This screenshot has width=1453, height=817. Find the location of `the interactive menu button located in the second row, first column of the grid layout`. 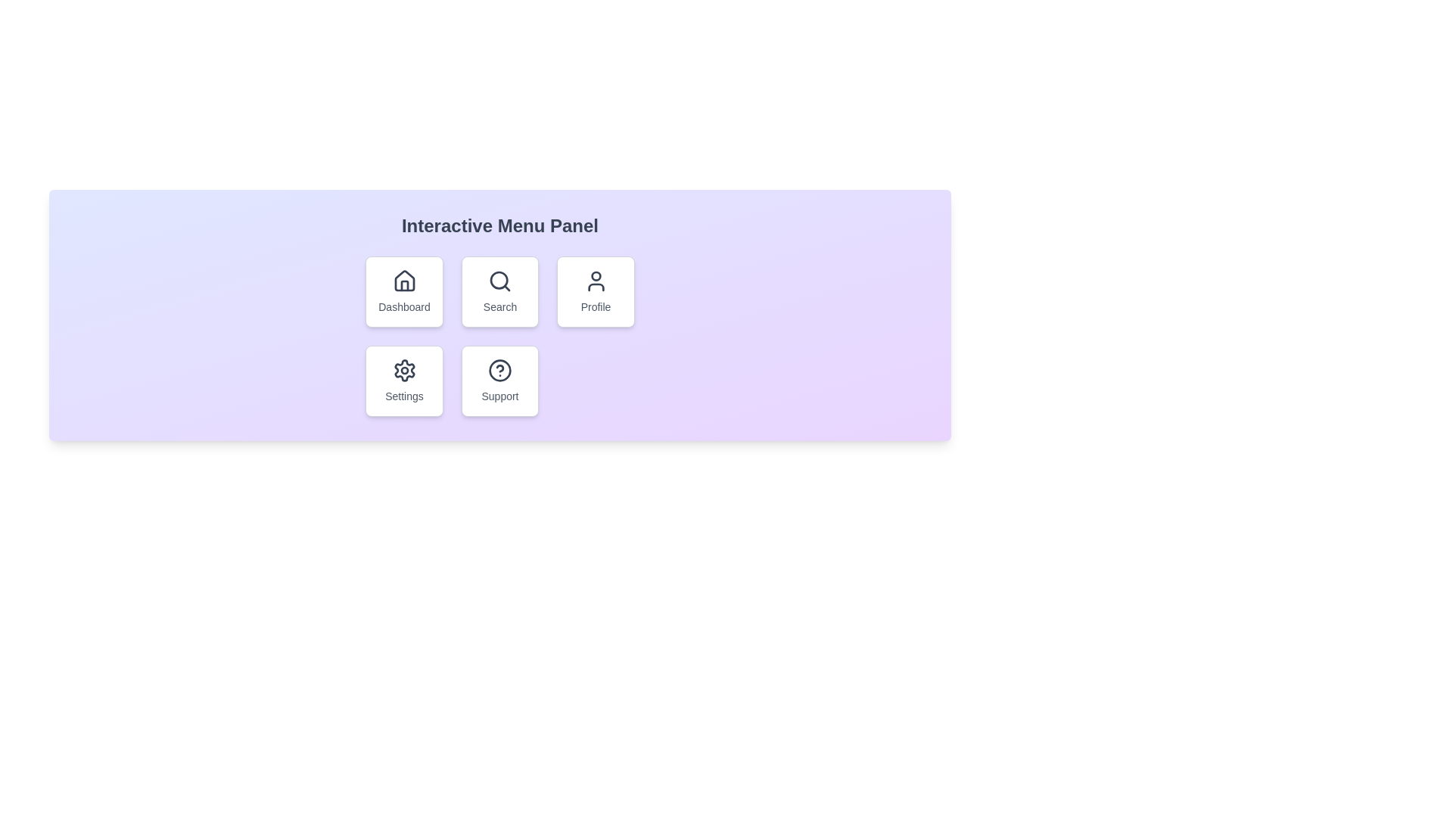

the interactive menu button located in the second row, first column of the grid layout is located at coordinates (404, 381).